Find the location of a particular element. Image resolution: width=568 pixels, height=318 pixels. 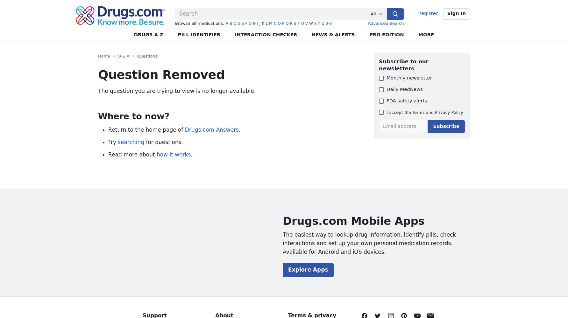

'Advanced Search' is located at coordinates (386, 23).